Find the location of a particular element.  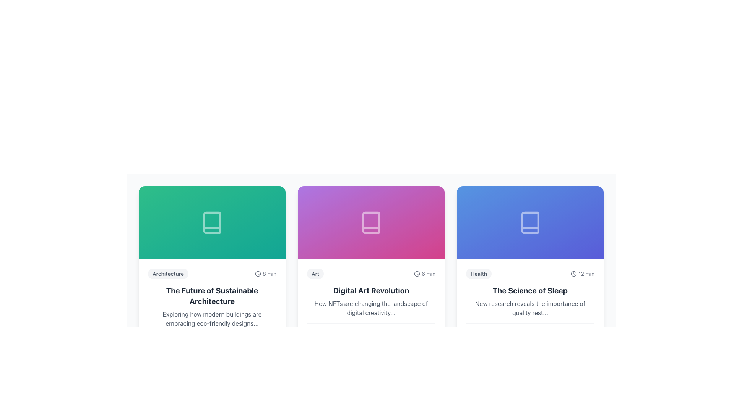

the visual design of the book icon, which features a rounded rectangle shape with a white outline and a green gradient background, located in the leftmost card of three horizontally aligned cards is located at coordinates (212, 222).